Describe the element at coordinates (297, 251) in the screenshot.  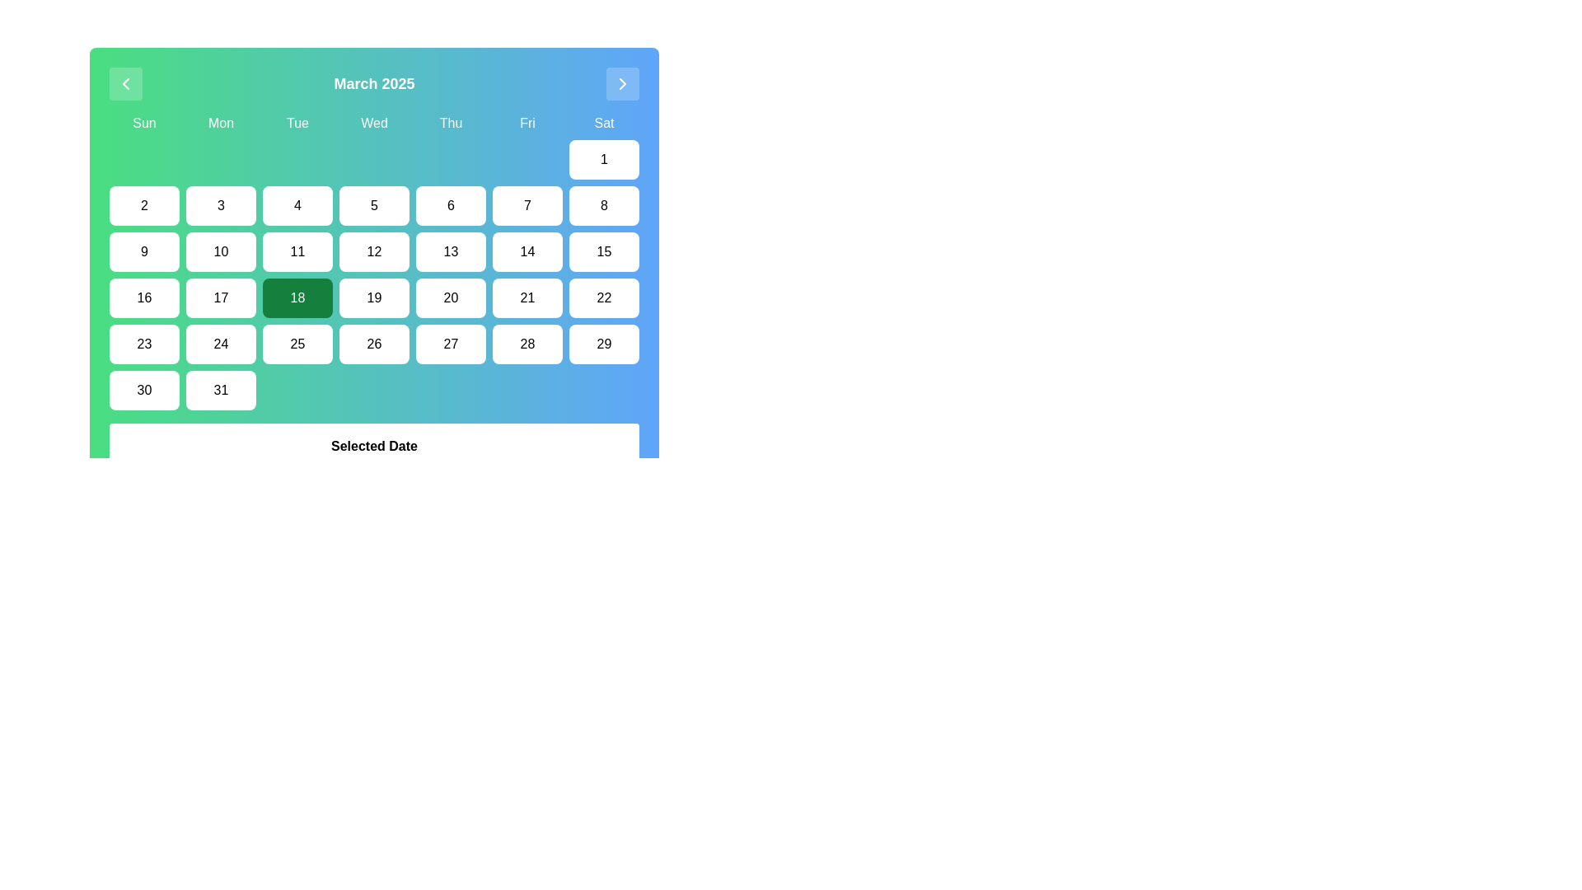
I see `the button displaying the number '11' in the calendar grid layout under the column labeled 'Tue'` at that location.